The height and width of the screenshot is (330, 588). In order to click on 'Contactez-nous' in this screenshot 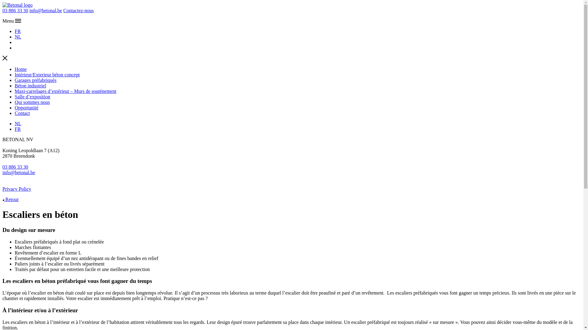, I will do `click(63, 10)`.